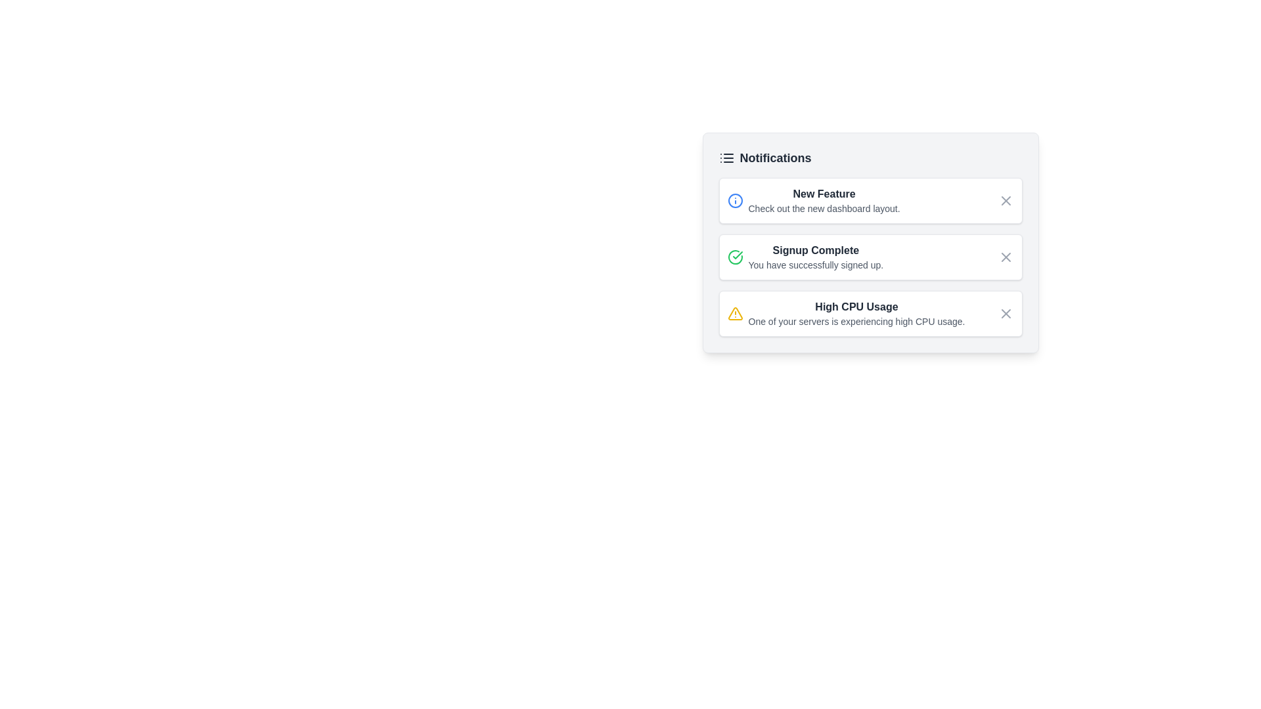  Describe the element at coordinates (824, 200) in the screenshot. I see `the text block displaying the title 'New Feature' and the description 'Check out the new dashboard layout.' within the notification card` at that location.